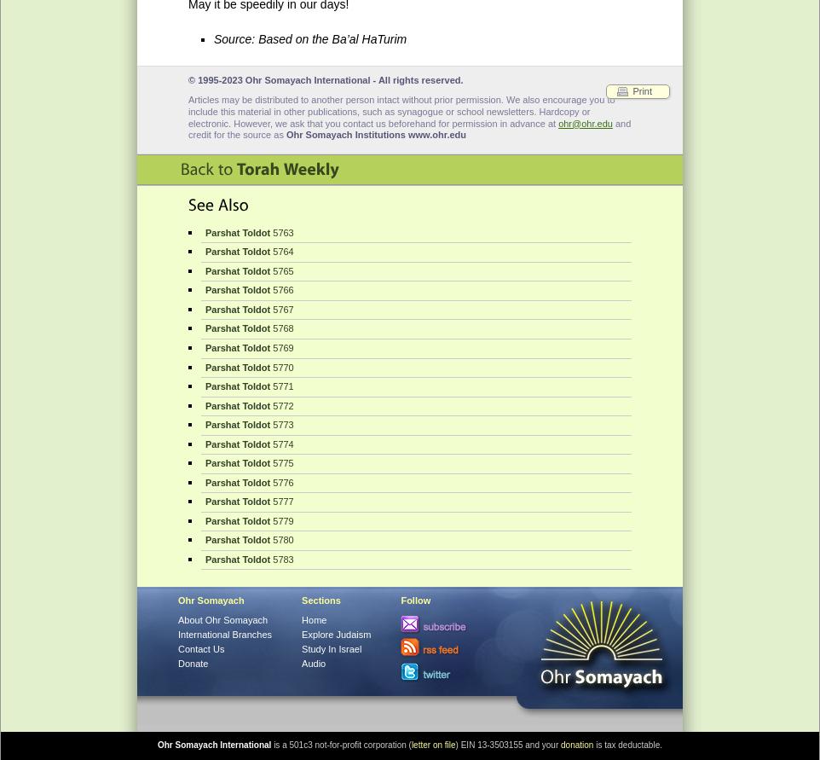 The image size is (820, 760). What do you see at coordinates (280, 481) in the screenshot?
I see `'5776'` at bounding box center [280, 481].